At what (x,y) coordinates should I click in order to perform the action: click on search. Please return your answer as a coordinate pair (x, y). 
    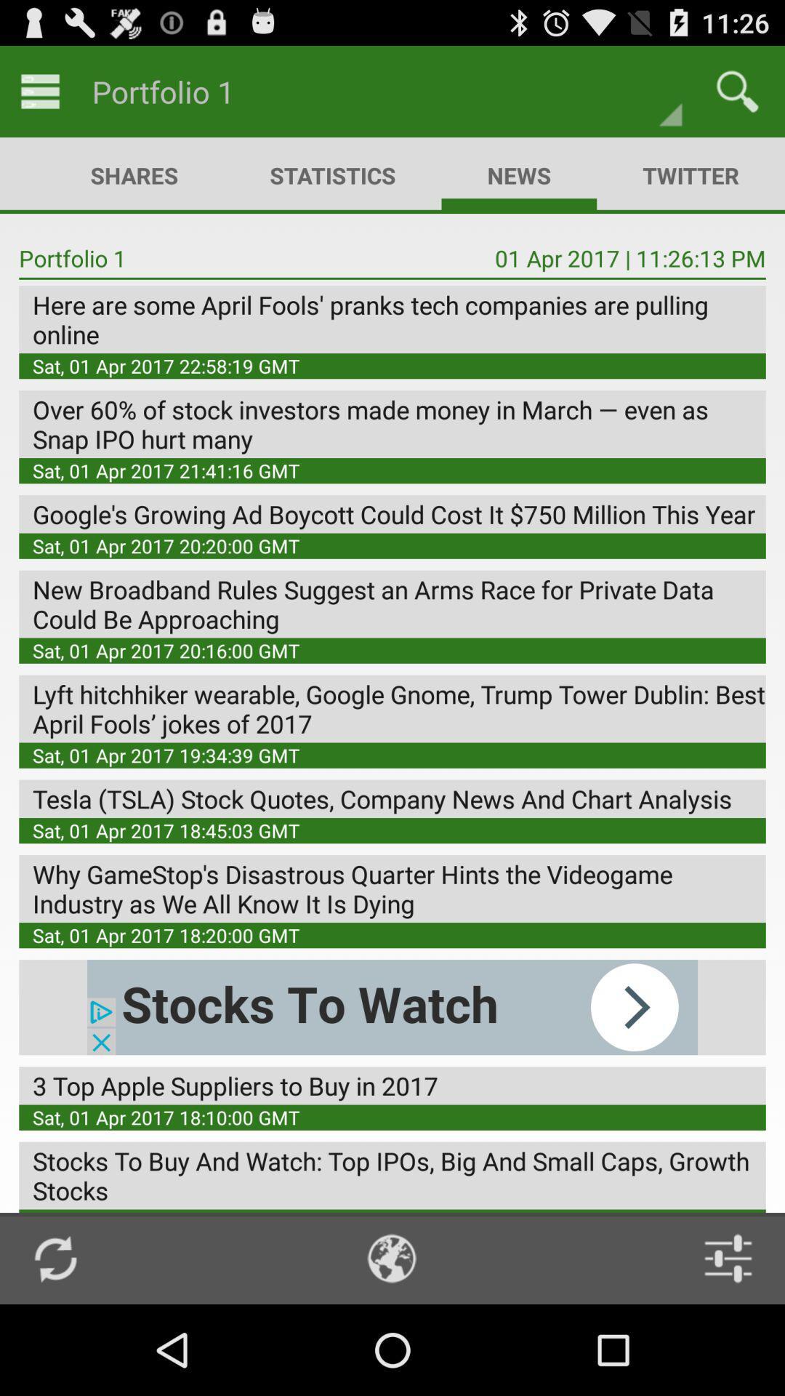
    Looking at the image, I should click on (737, 90).